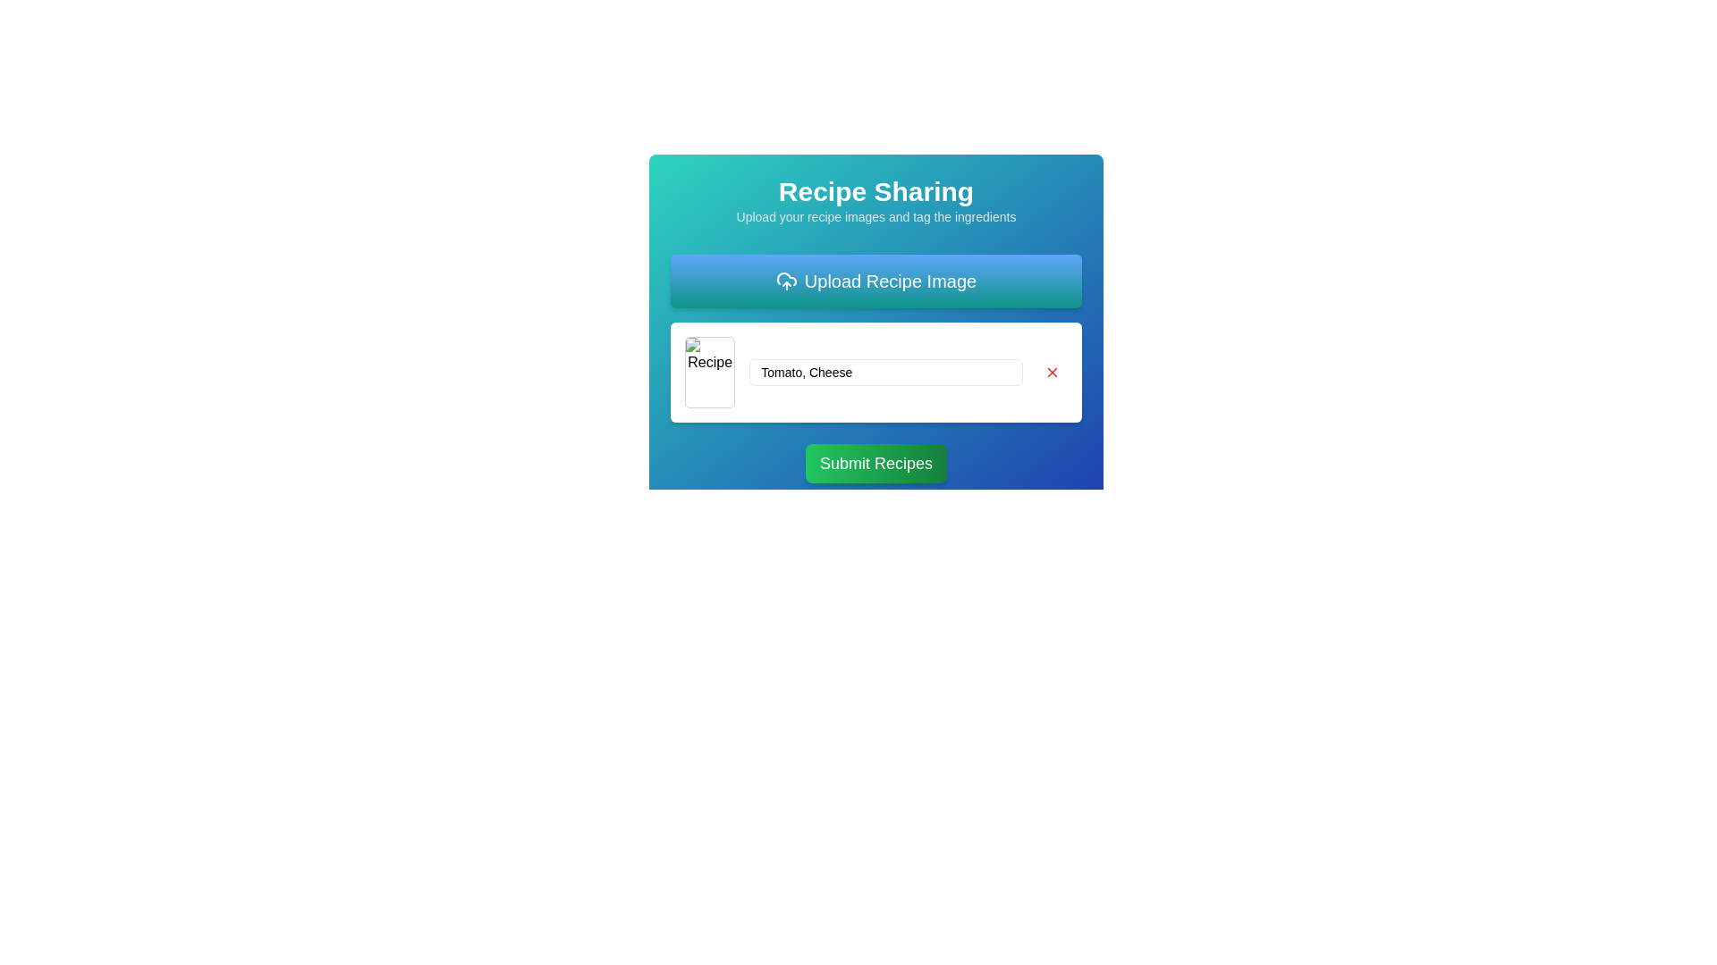 Image resolution: width=1717 pixels, height=965 pixels. What do you see at coordinates (786, 281) in the screenshot?
I see `the SVG icon on the blue gradient button labeled 'Upload Recipe Image'` at bounding box center [786, 281].